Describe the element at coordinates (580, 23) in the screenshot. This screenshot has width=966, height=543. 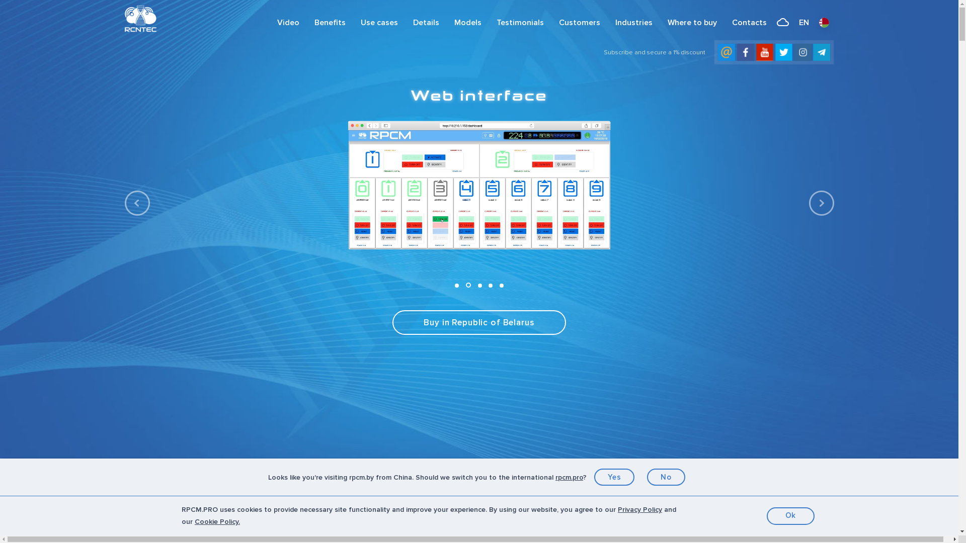
I see `'Customers'` at that location.